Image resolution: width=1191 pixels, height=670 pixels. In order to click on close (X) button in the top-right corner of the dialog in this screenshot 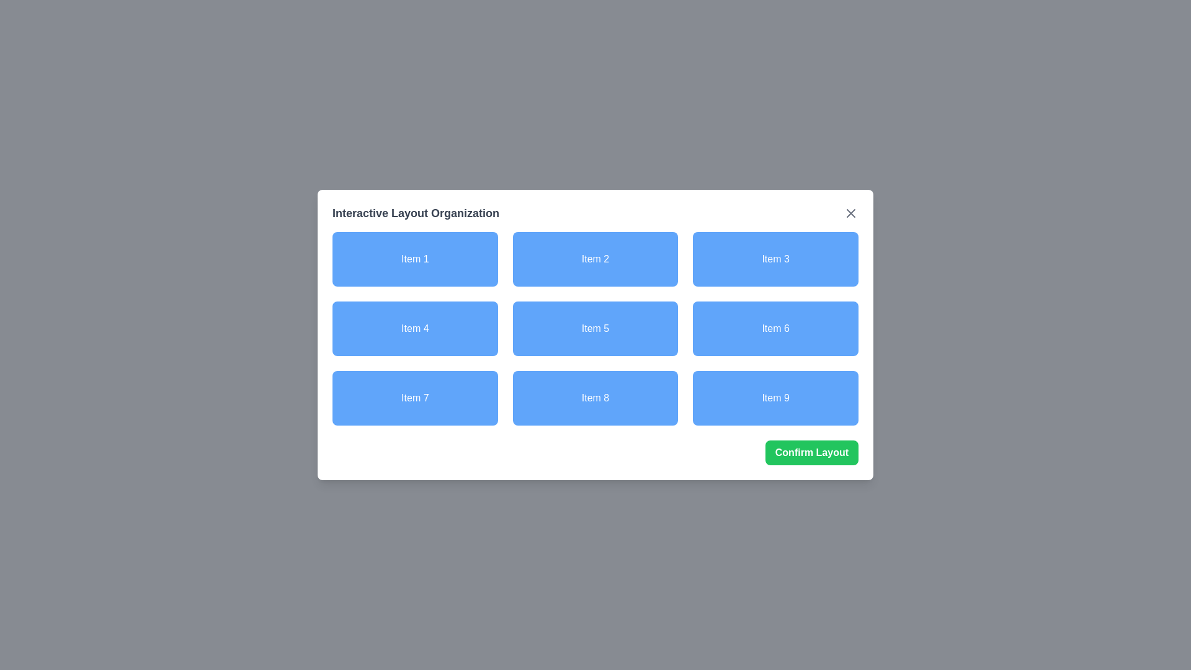, I will do `click(850, 212)`.